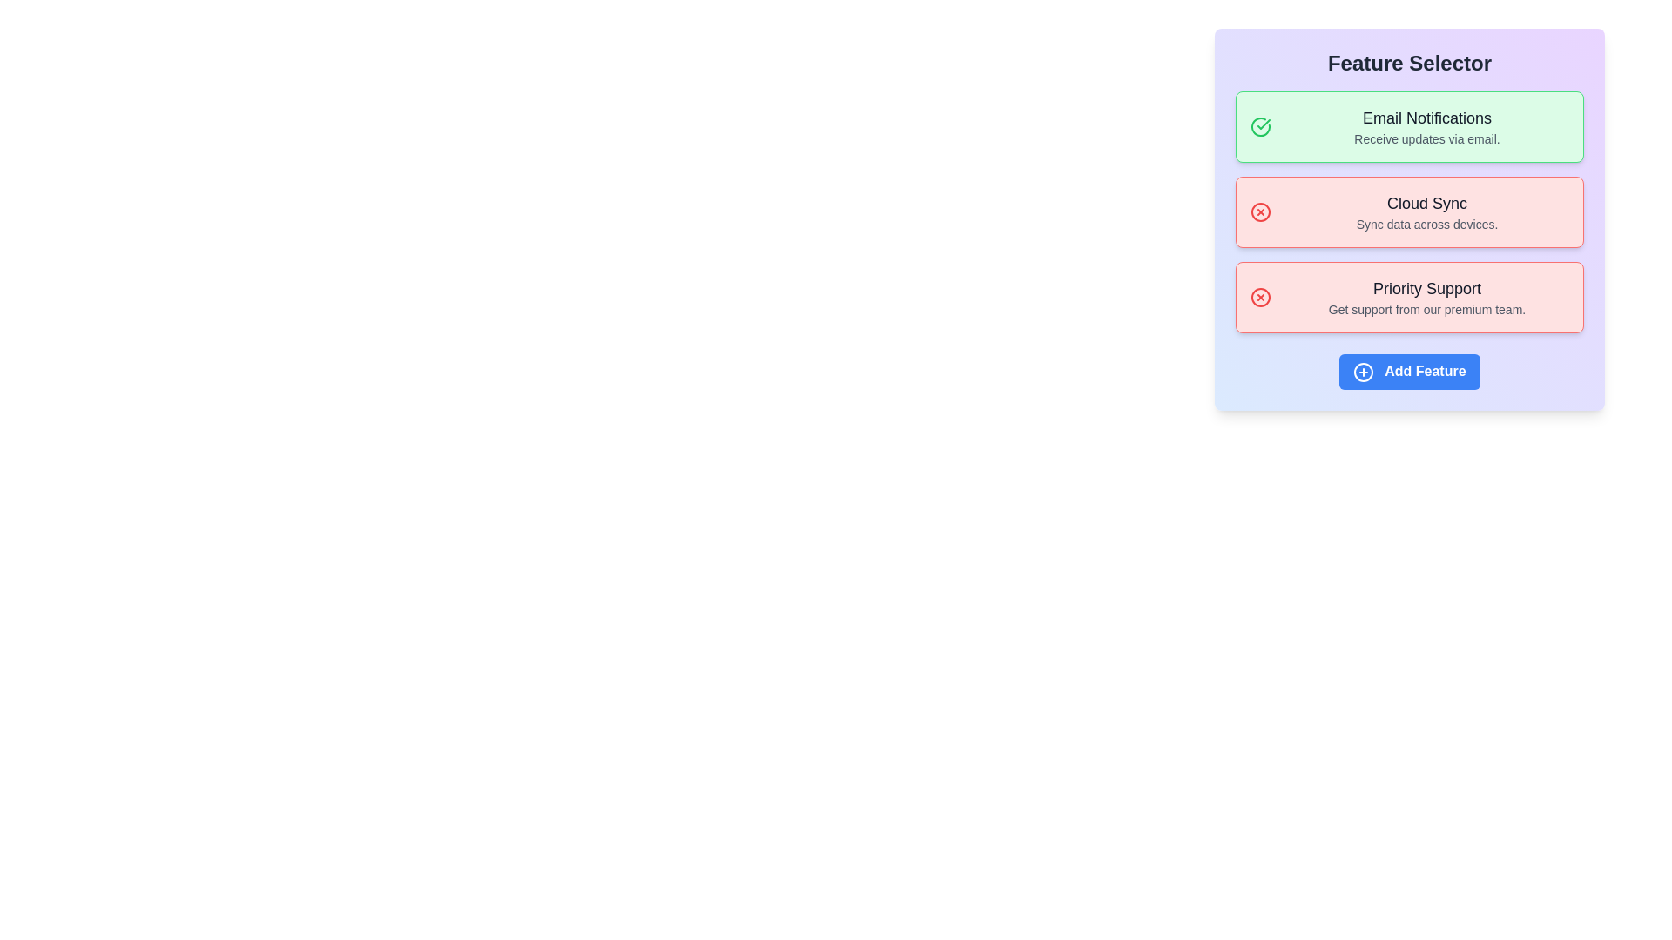 The width and height of the screenshot is (1672, 940). What do you see at coordinates (1426, 308) in the screenshot?
I see `the static text that supports the main title 'Priority Support', located in the third card of the 'Feature Selector' section` at bounding box center [1426, 308].